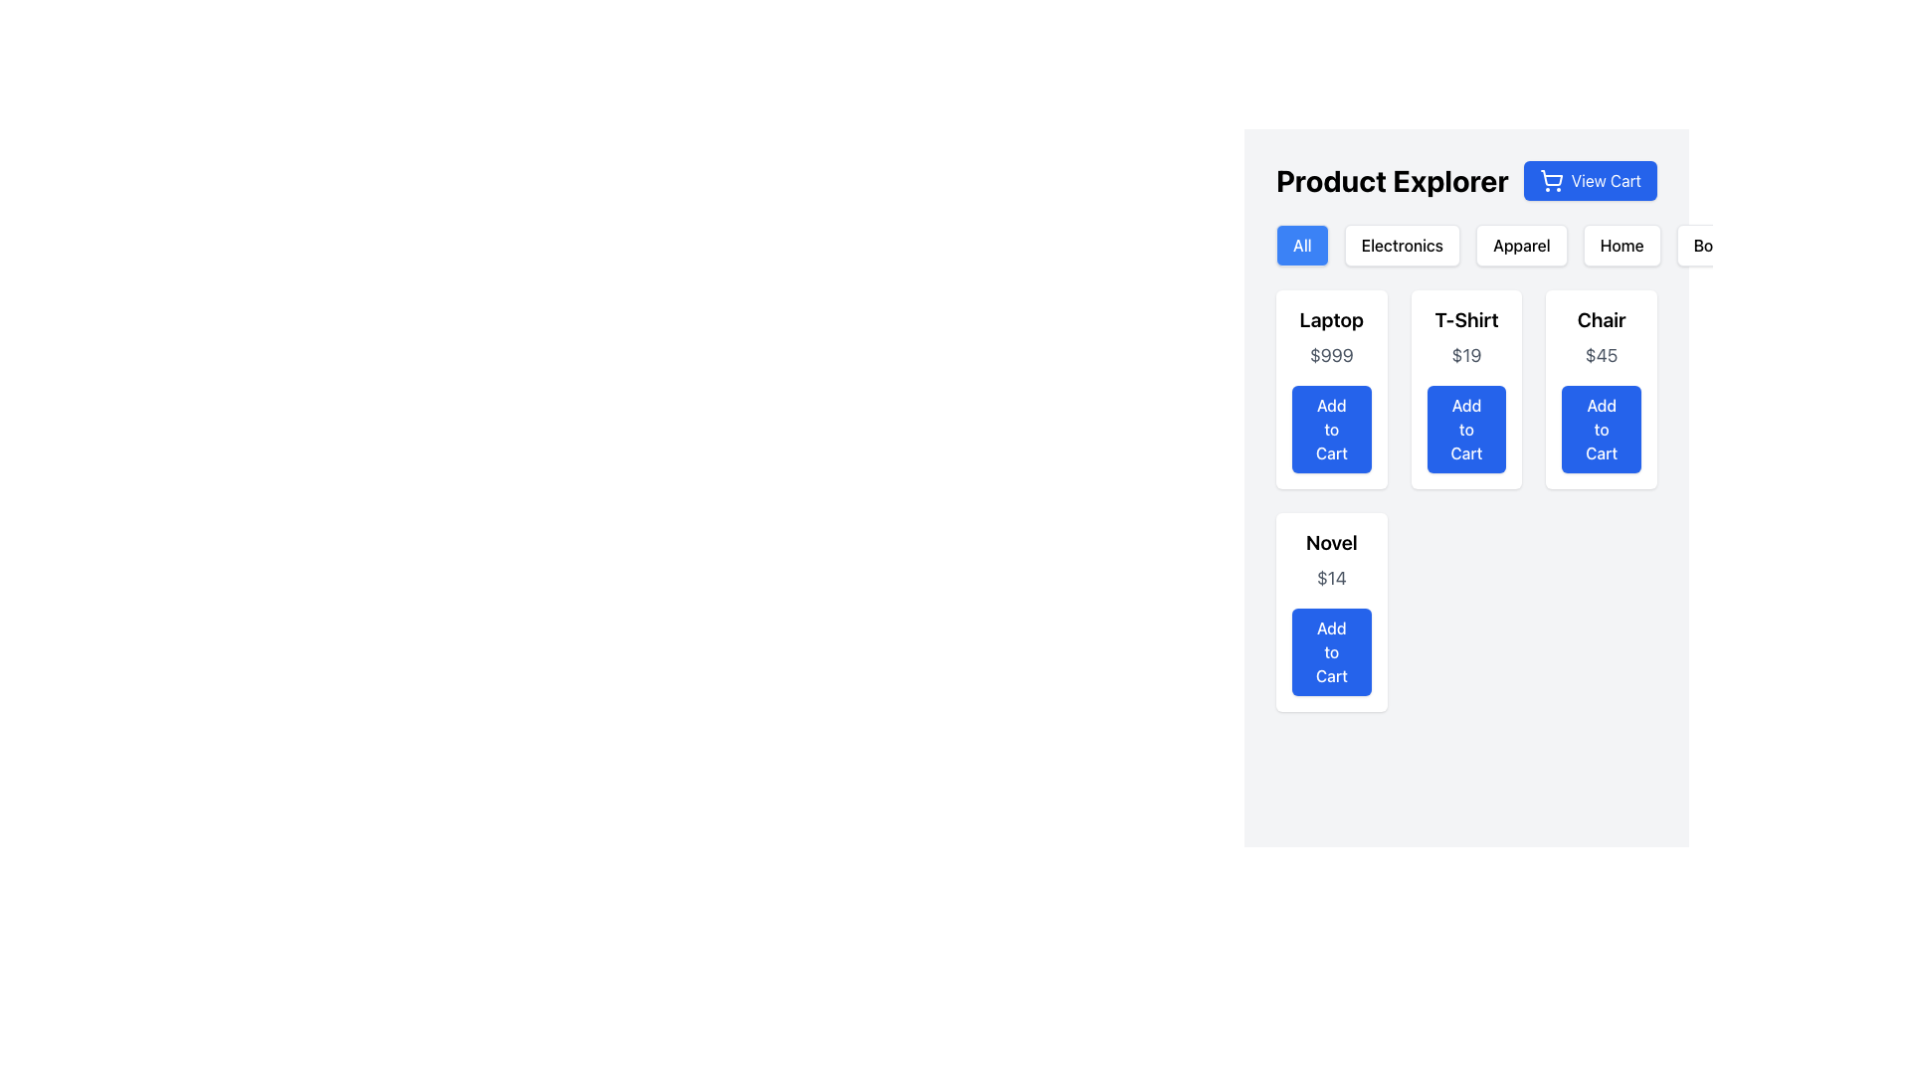 This screenshot has height=1074, width=1910. What do you see at coordinates (1550, 180) in the screenshot?
I see `the 'View Cart' button which is a blue button located in the upper-right area of the interface, featuring a shopping cart icon centered within it` at bounding box center [1550, 180].